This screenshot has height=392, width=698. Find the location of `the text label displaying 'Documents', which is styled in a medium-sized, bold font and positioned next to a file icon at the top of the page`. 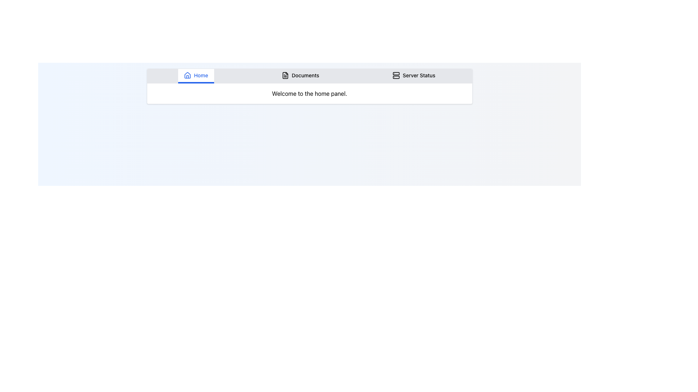

the text label displaying 'Documents', which is styled in a medium-sized, bold font and positioned next to a file icon at the top of the page is located at coordinates (305, 75).